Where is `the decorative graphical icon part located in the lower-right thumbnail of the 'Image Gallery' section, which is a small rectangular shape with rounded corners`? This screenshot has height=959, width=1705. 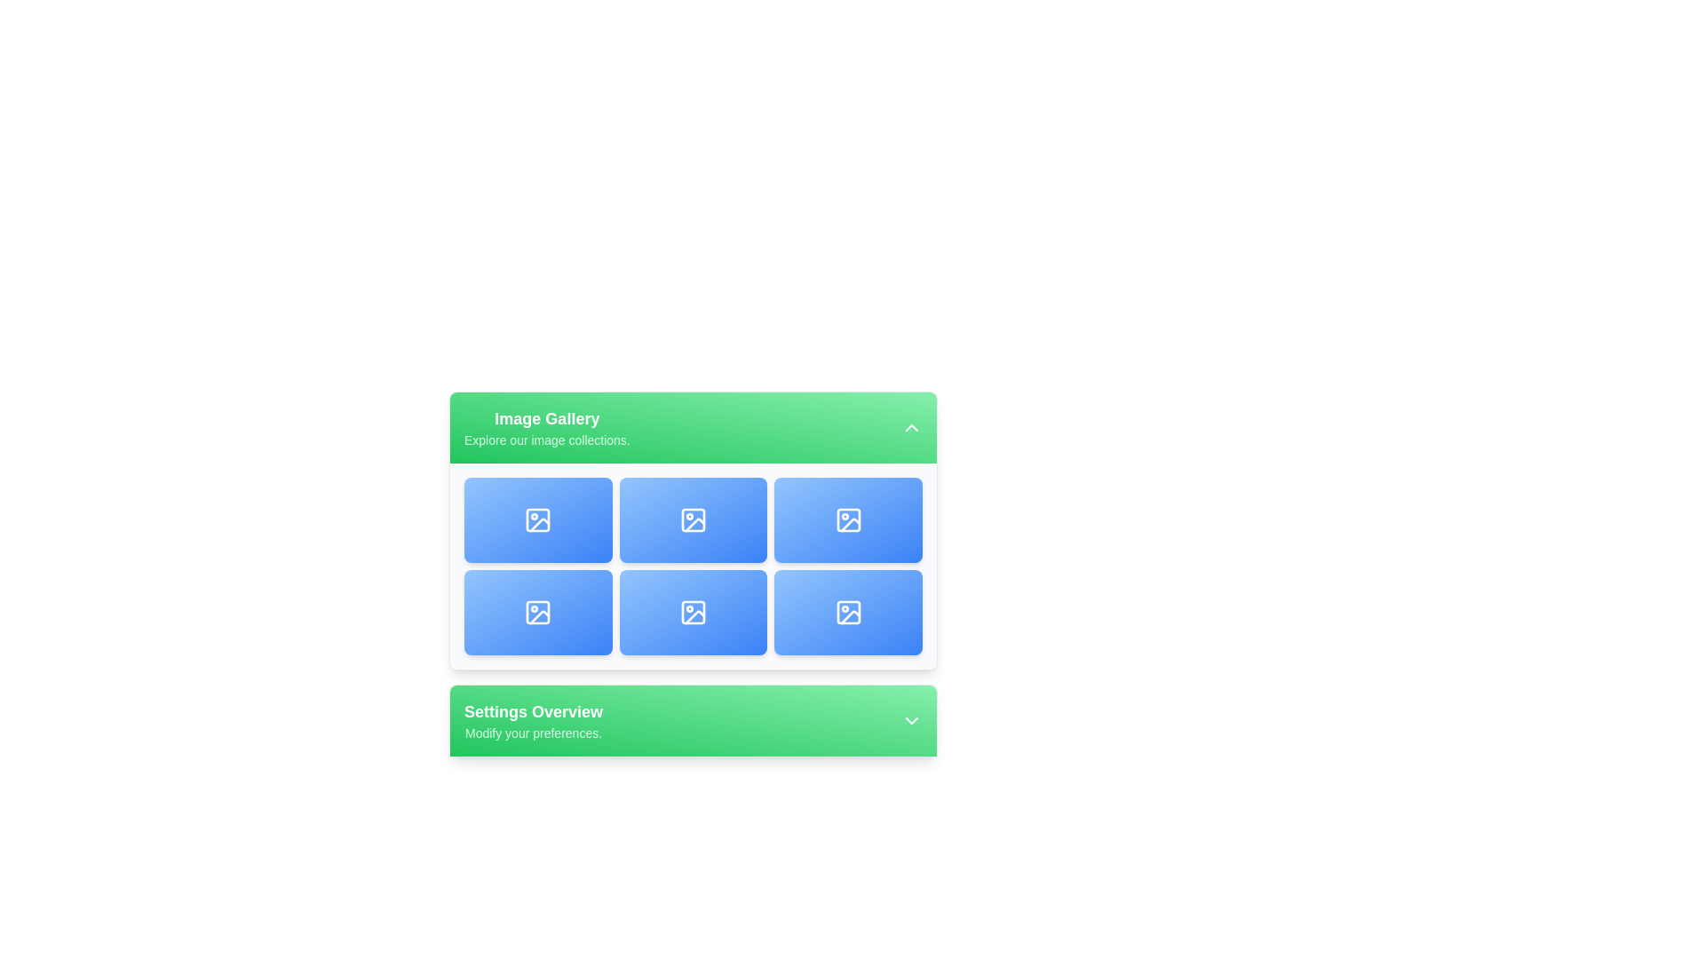 the decorative graphical icon part located in the lower-right thumbnail of the 'Image Gallery' section, which is a small rectangular shape with rounded corners is located at coordinates (847, 612).